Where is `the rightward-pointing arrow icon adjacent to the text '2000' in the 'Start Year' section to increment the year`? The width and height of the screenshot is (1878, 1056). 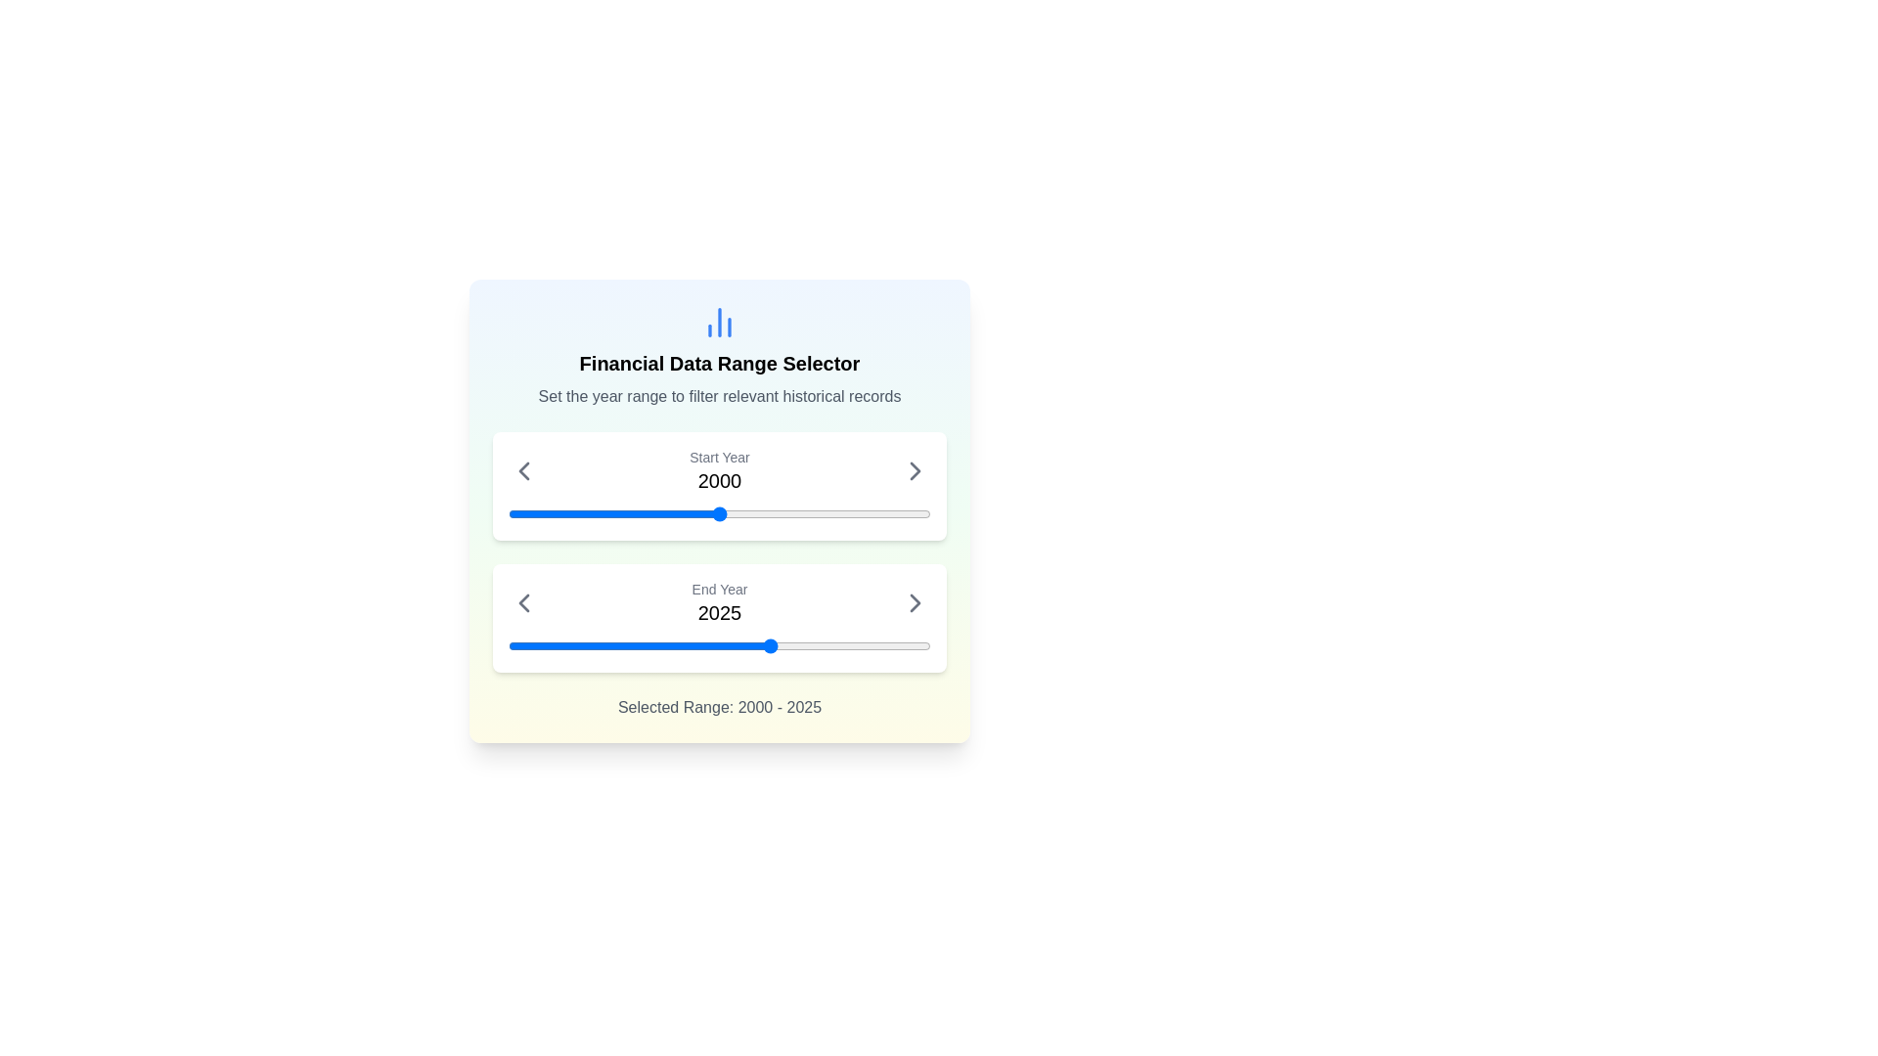
the rightward-pointing arrow icon adjacent to the text '2000' in the 'Start Year' section to increment the year is located at coordinates (915, 471).